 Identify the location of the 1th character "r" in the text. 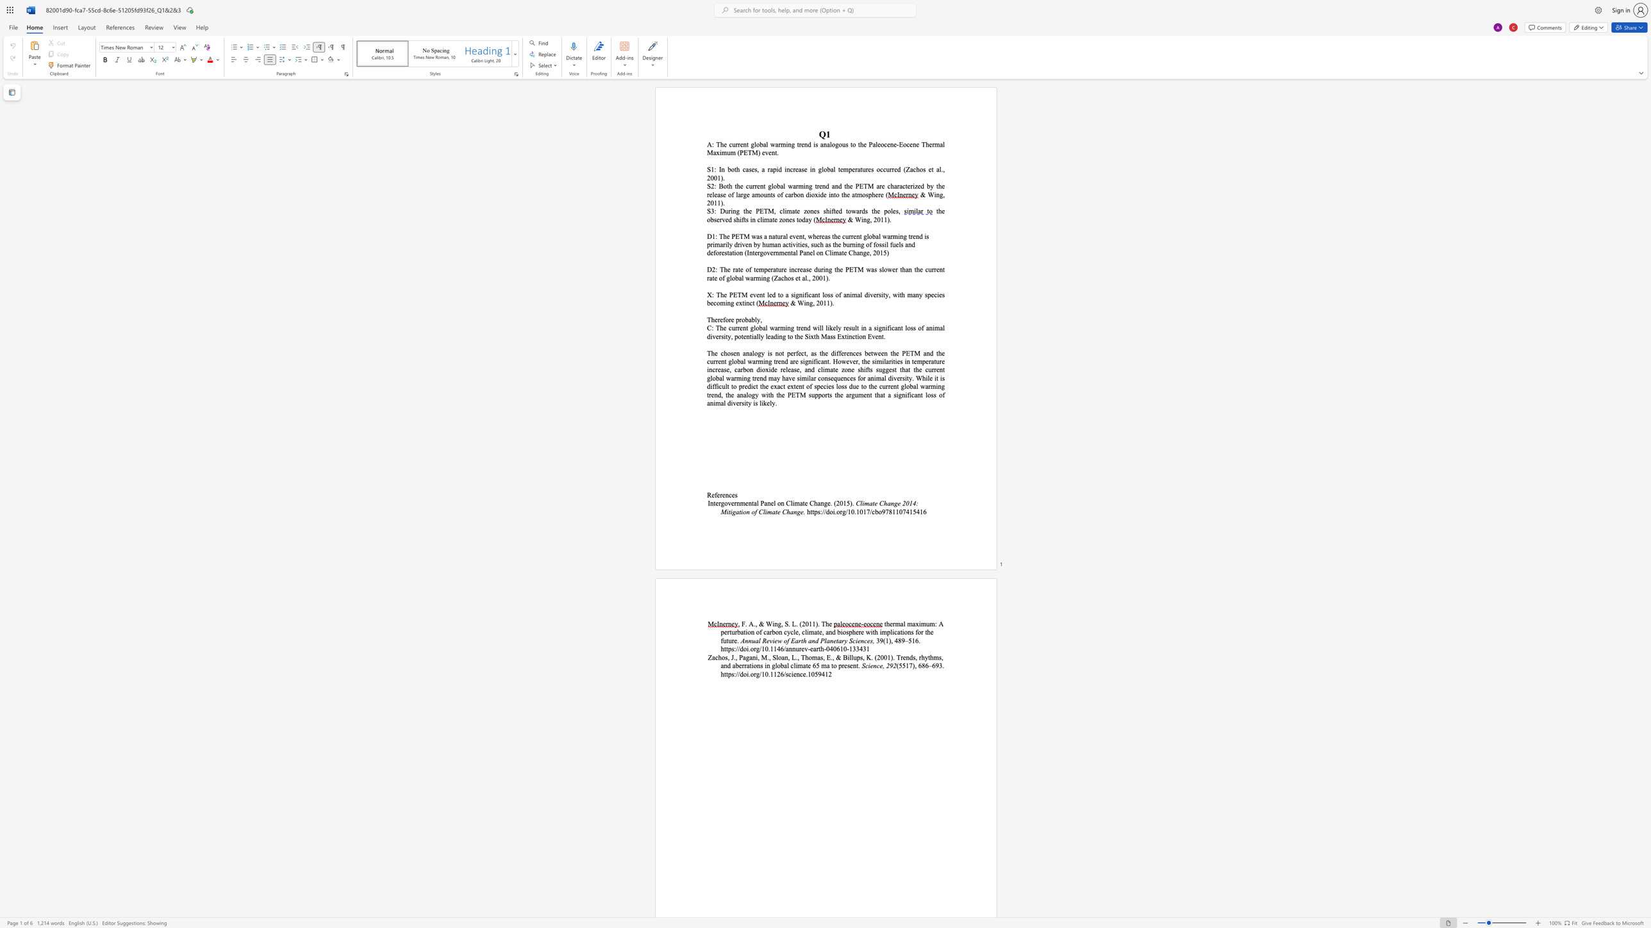
(736, 327).